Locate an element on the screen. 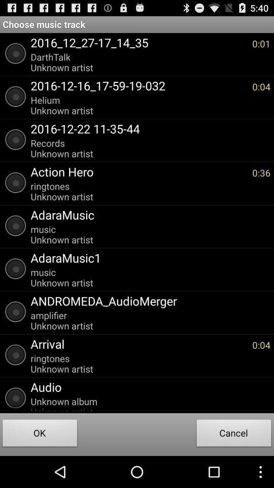  the icon below unknown album unknown app is located at coordinates (234, 434).